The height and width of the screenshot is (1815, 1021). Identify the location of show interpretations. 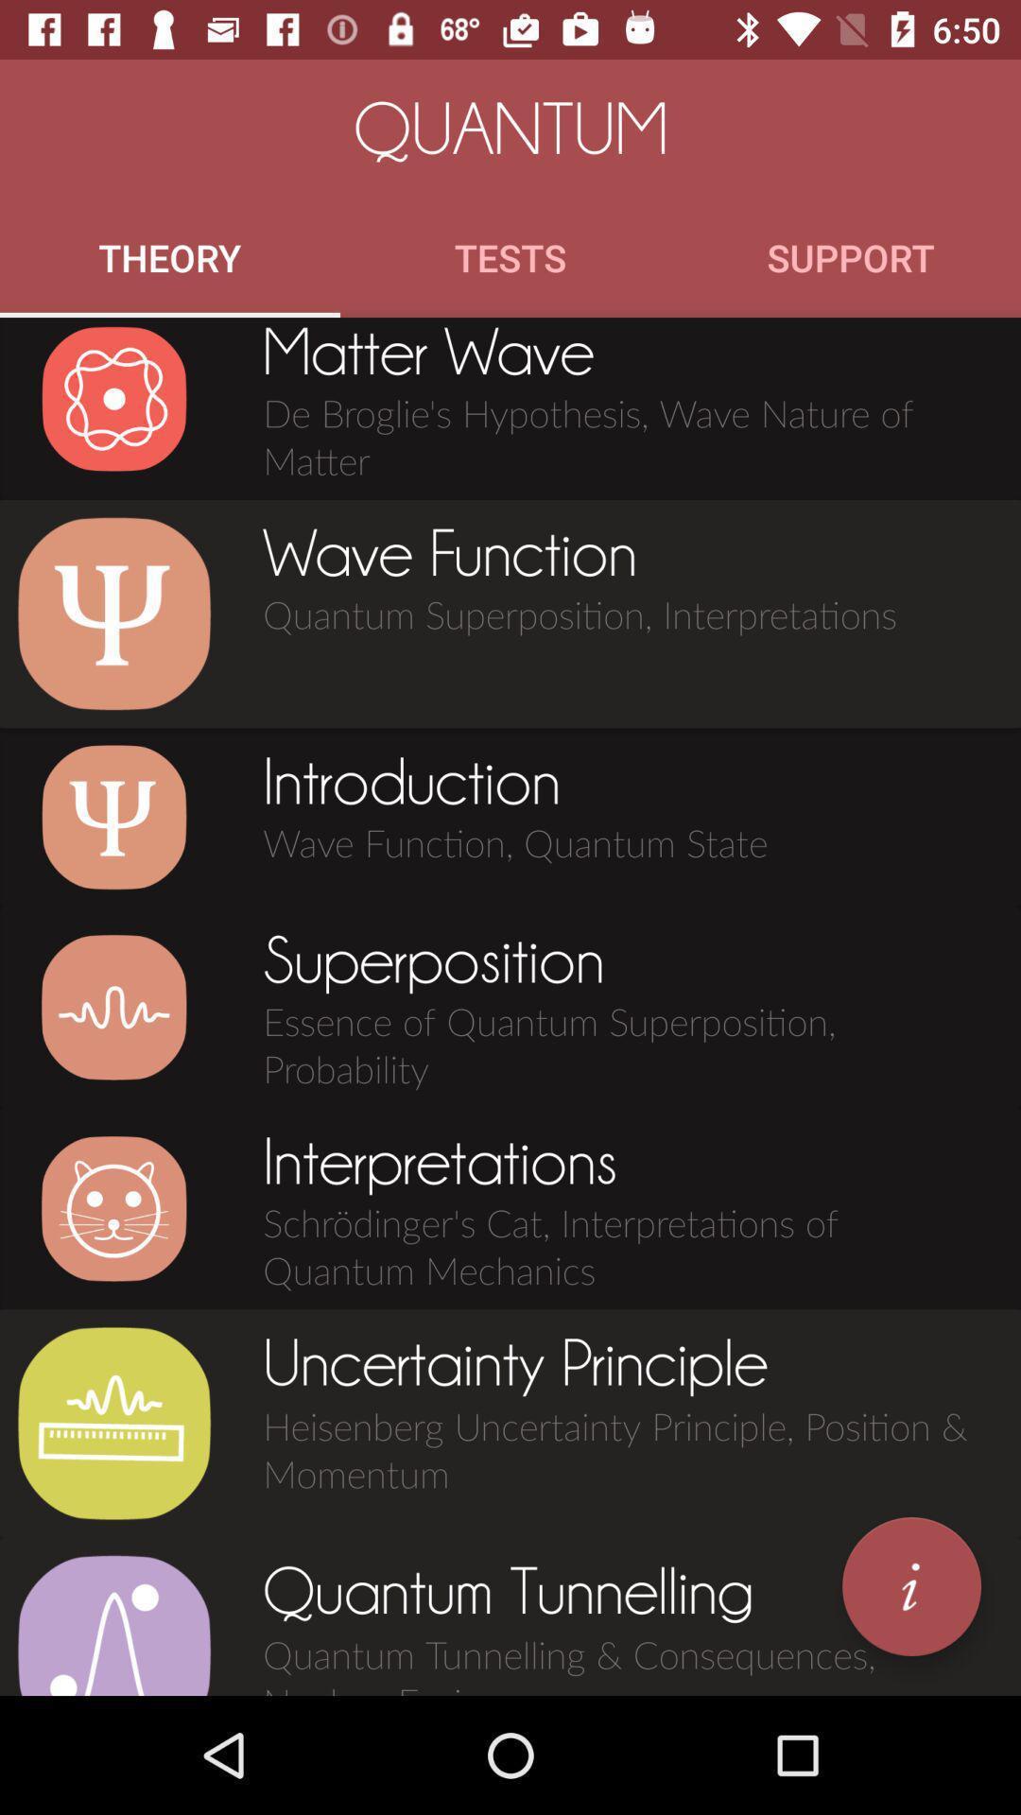
(113, 1207).